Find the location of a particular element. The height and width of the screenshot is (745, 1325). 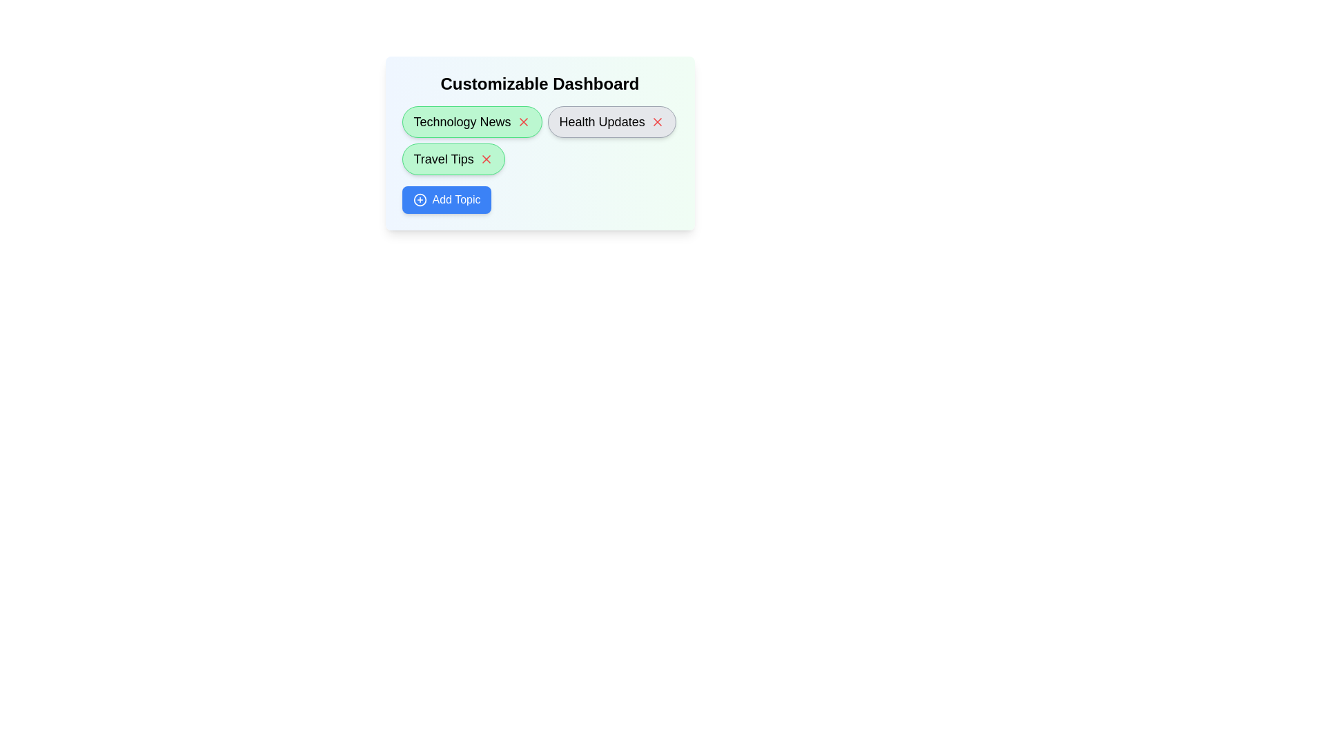

the 'Add Topic' button to add a new topic to the dashboard is located at coordinates (446, 199).